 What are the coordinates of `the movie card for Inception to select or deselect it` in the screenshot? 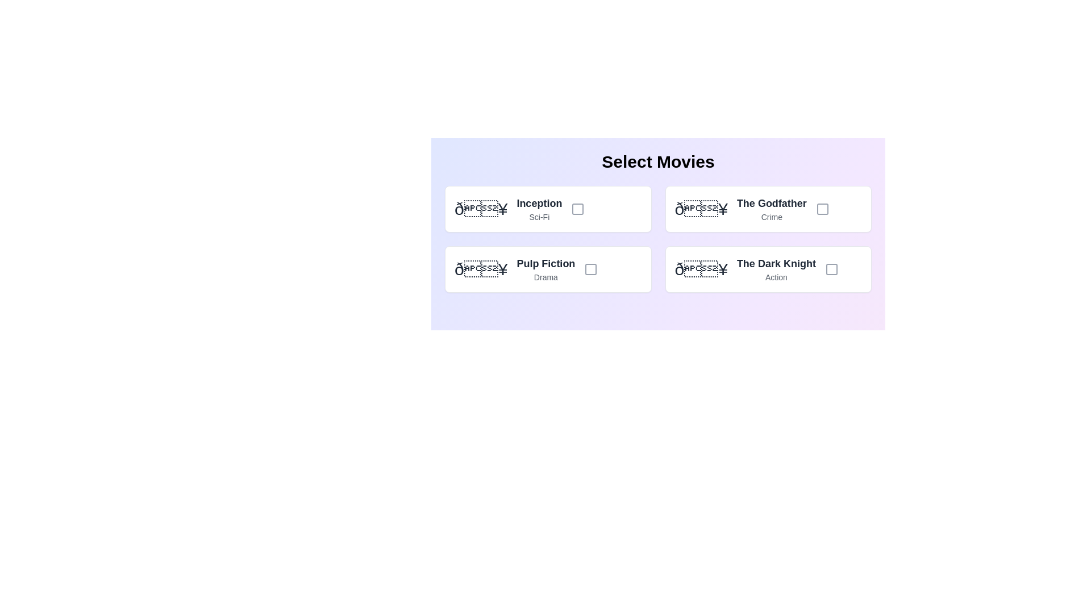 It's located at (548, 209).